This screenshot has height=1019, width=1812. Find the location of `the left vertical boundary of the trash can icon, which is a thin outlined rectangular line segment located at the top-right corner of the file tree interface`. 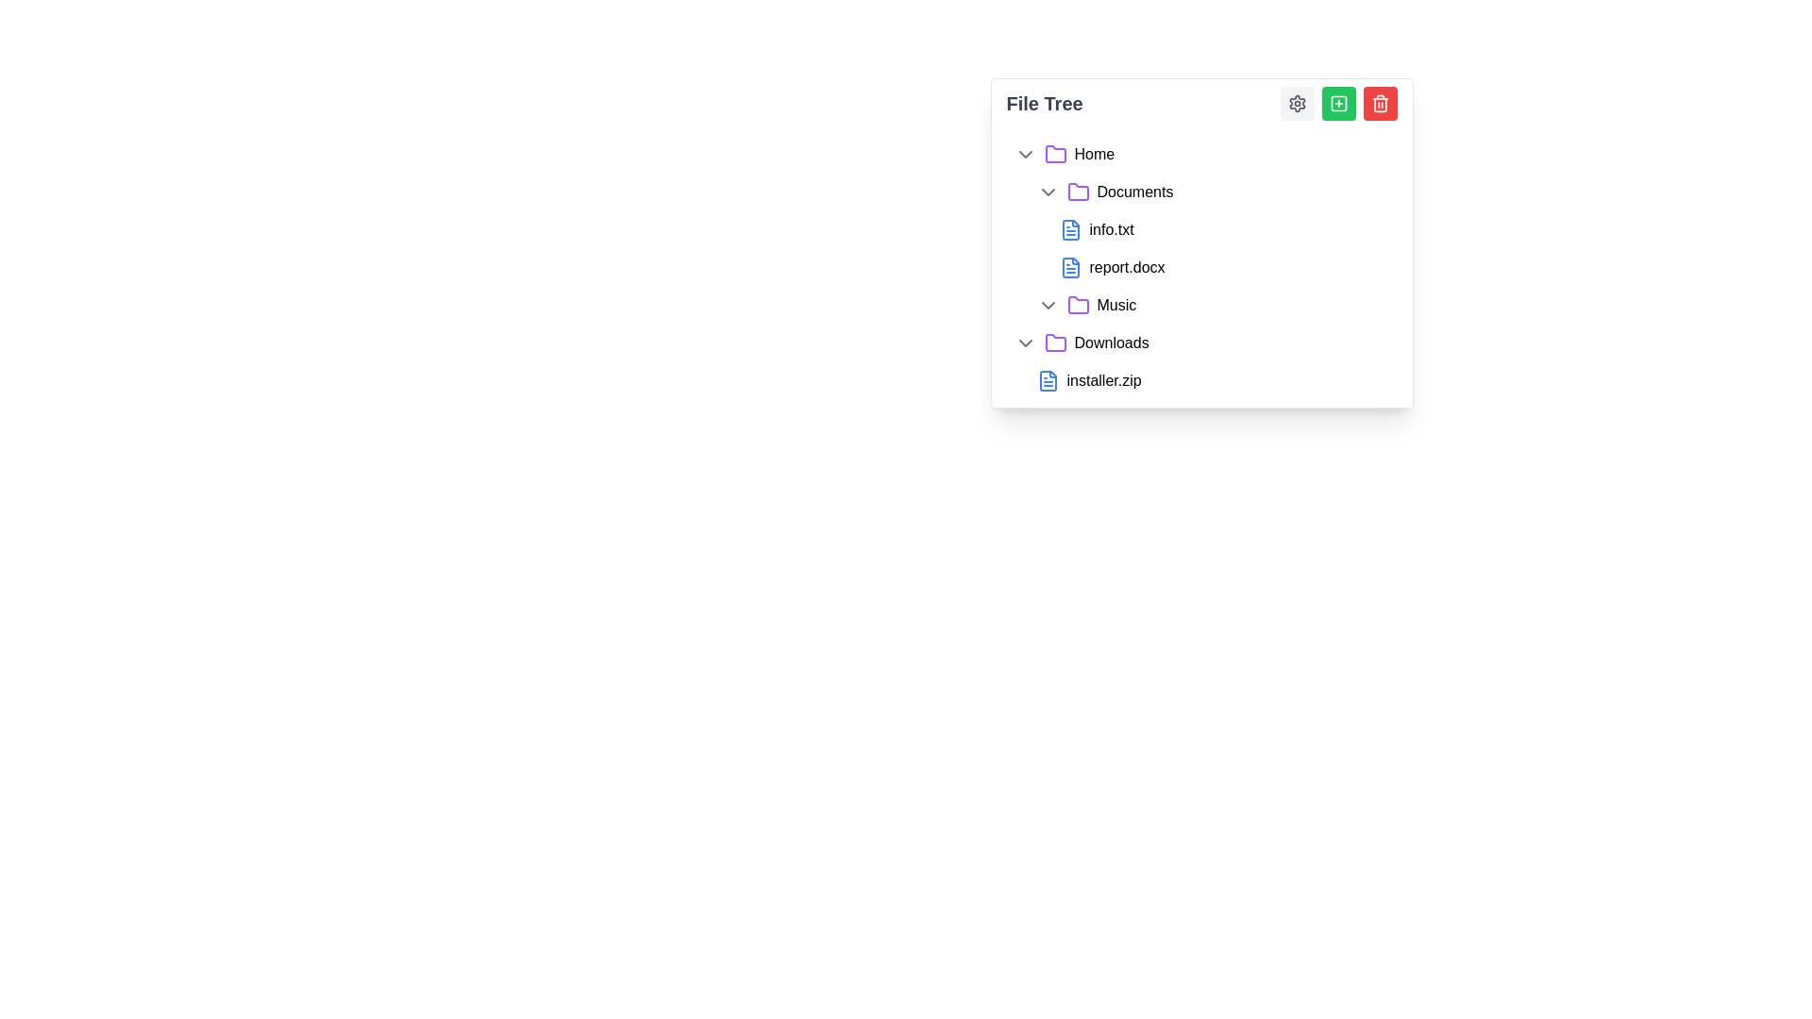

the left vertical boundary of the trash can icon, which is a thin outlined rectangular line segment located at the top-right corner of the file tree interface is located at coordinates (1380, 105).